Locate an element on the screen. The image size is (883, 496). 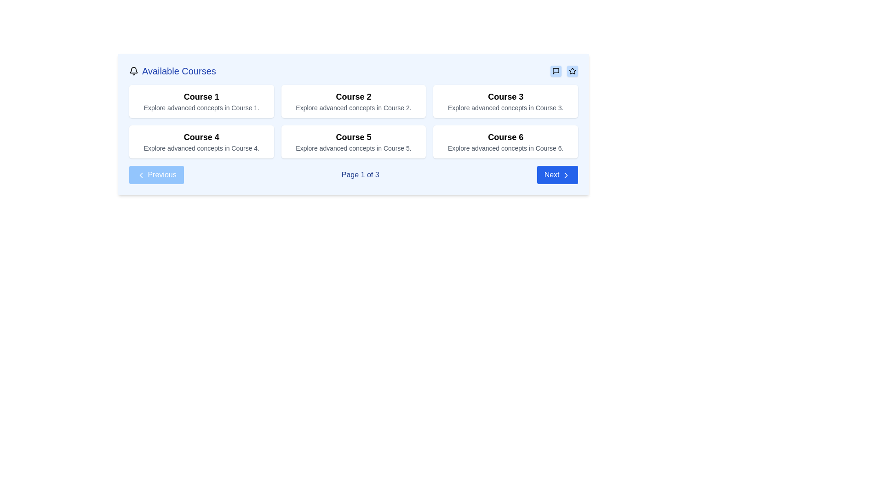
the text label displaying 'Course 1', which is a prominent header in bold font located at the top of the first card in the grid layout is located at coordinates (201, 97).